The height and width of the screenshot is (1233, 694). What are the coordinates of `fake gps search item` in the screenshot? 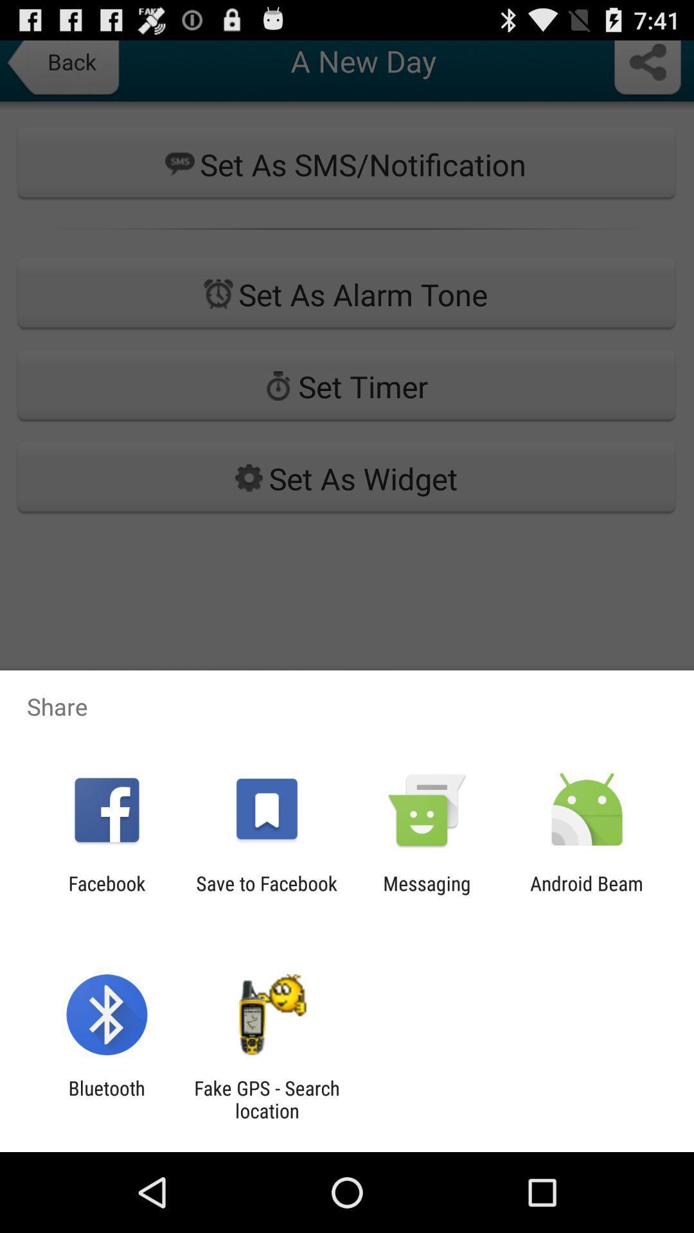 It's located at (266, 1099).